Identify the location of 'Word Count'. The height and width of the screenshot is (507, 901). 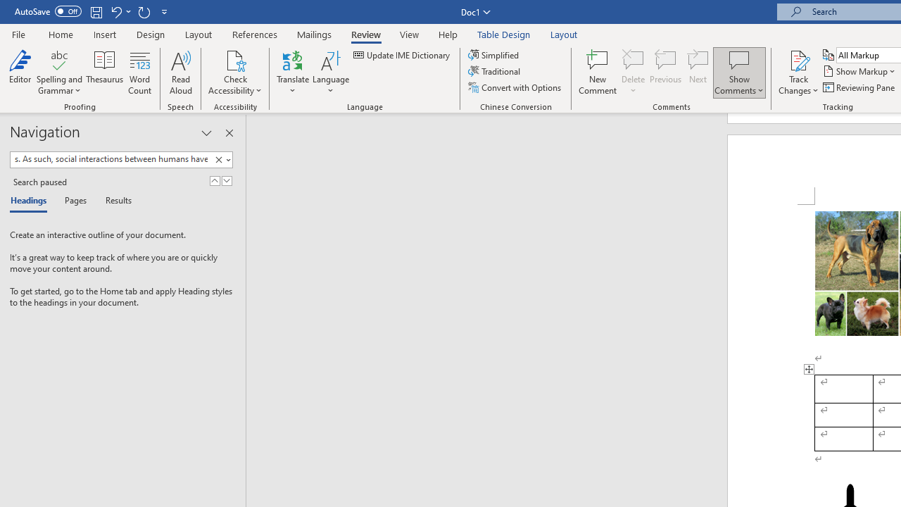
(140, 73).